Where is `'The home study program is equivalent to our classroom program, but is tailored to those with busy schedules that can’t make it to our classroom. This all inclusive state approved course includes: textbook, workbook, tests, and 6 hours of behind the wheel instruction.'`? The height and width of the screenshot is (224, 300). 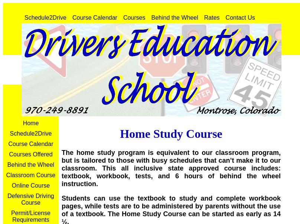 'The home study program is equivalent to our classroom program, but is tailored to those with busy schedules that can’t make it to our classroom. This all inclusive state approved course includes: textbook, workbook, tests, and 6 hours of behind the wheel instruction.' is located at coordinates (171, 168).